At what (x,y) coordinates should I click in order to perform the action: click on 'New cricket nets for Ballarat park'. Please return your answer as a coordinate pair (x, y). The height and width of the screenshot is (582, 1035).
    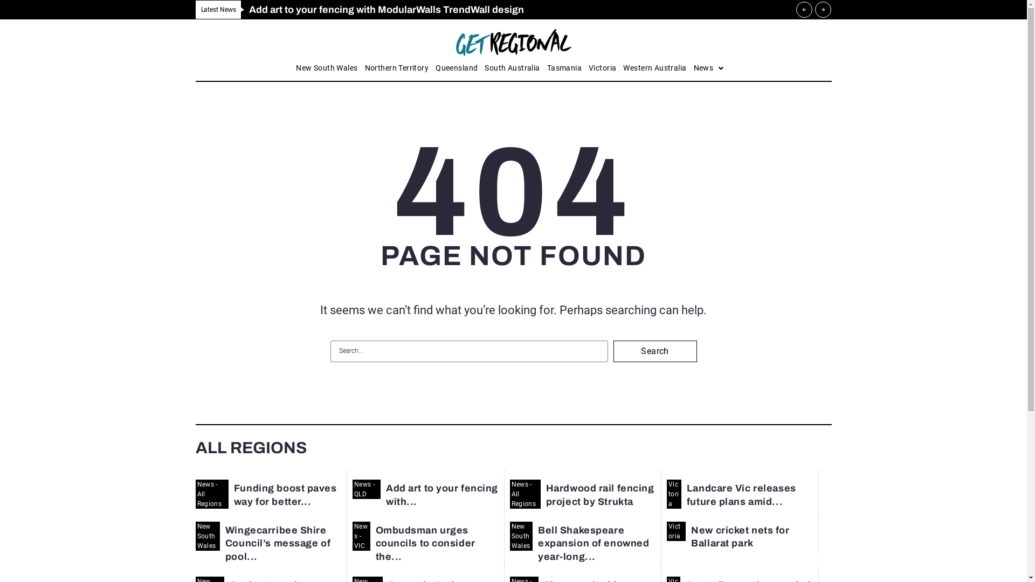
    Looking at the image, I should click on (739, 536).